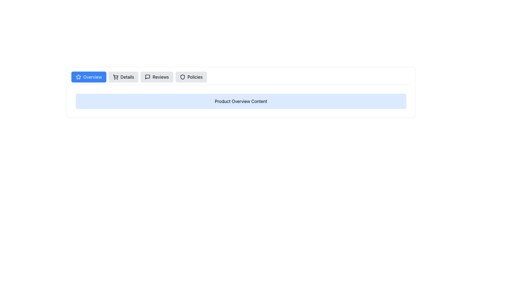 Image resolution: width=525 pixels, height=295 pixels. Describe the element at coordinates (78, 77) in the screenshot. I see `the blue star-shaped icon with a hollow center located to the left of the text 'Overview' in the first tab of the interface` at that location.